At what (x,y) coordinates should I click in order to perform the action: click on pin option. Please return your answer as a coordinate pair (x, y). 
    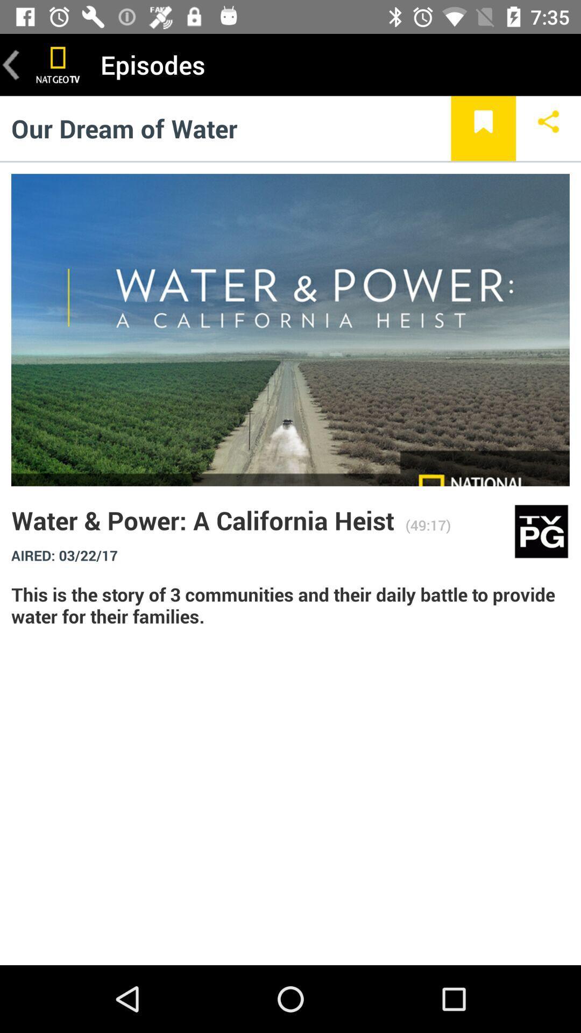
    Looking at the image, I should click on (483, 128).